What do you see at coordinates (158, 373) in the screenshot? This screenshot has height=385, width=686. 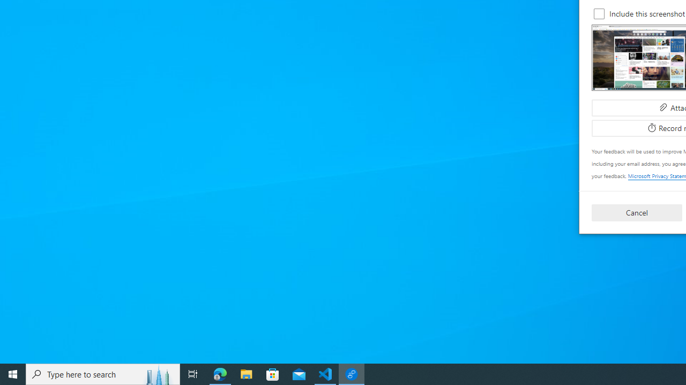 I see `'Search highlights icon opens search home window'` at bounding box center [158, 373].